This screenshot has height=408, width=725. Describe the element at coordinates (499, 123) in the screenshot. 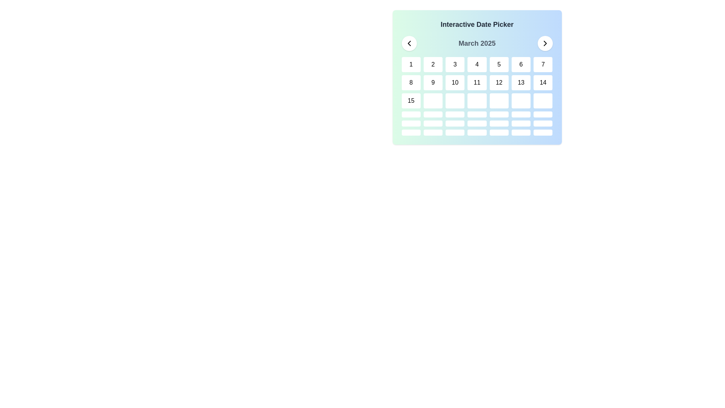

I see `the interactive button located in the last row and fifth column of the date picker interface` at that location.